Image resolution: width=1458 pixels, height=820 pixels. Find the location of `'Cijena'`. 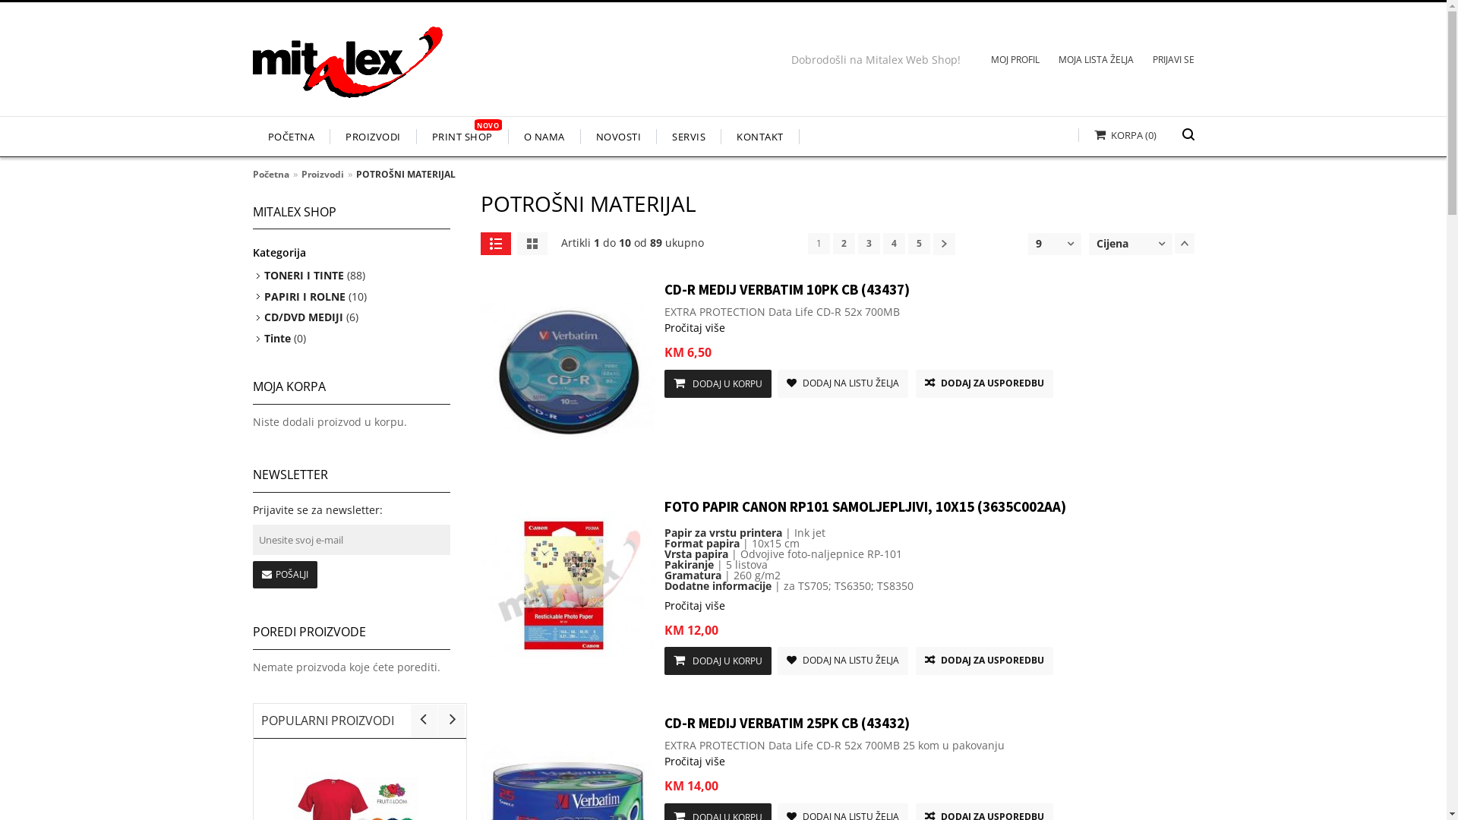

'Cijena' is located at coordinates (1097, 242).